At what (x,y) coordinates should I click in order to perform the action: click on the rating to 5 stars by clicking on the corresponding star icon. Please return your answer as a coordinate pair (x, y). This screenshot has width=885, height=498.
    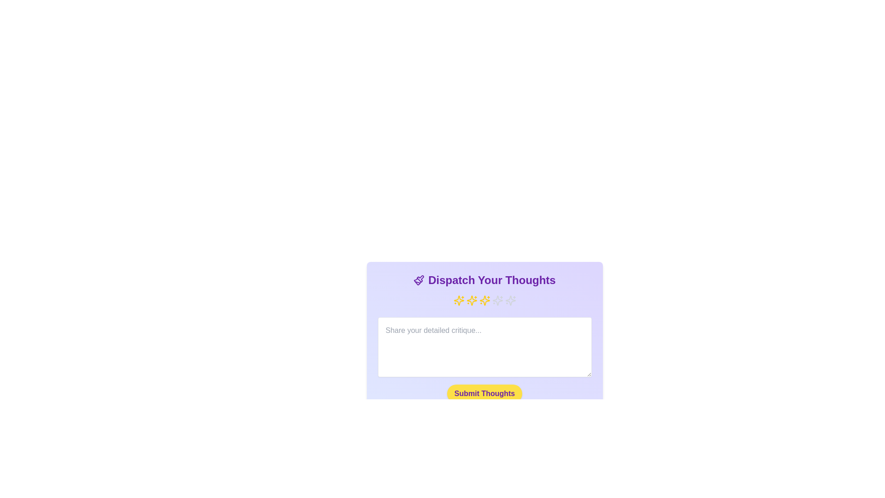
    Looking at the image, I should click on (510, 300).